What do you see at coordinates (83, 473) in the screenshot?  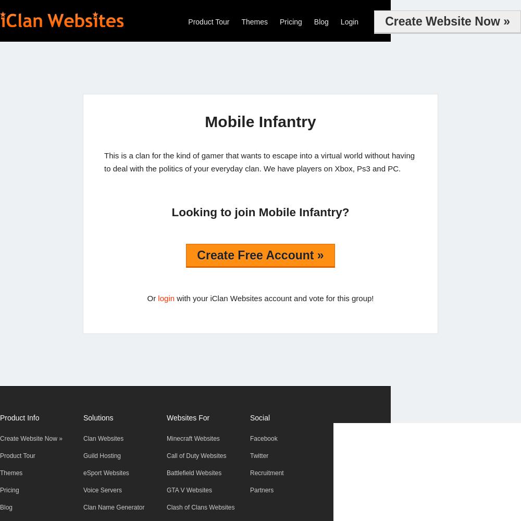 I see `'eSport Websites'` at bounding box center [83, 473].